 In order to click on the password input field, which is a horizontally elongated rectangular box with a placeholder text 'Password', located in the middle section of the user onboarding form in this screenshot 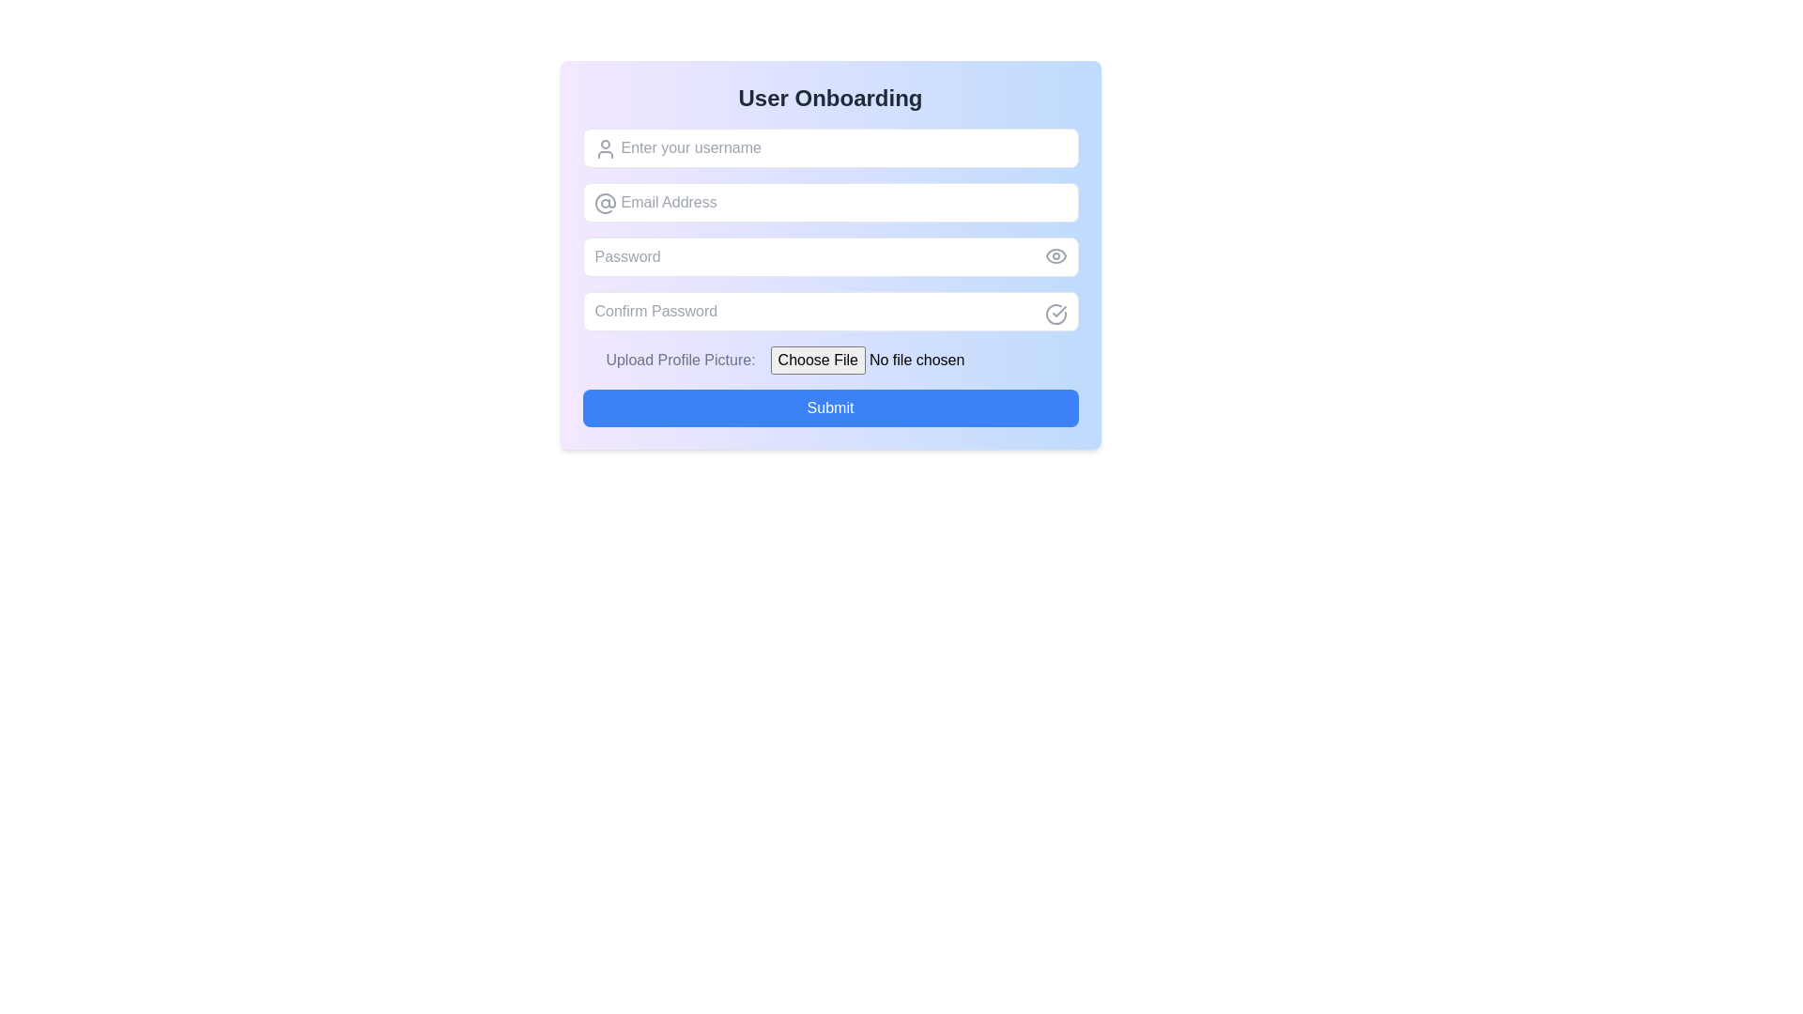, I will do `click(829, 255)`.